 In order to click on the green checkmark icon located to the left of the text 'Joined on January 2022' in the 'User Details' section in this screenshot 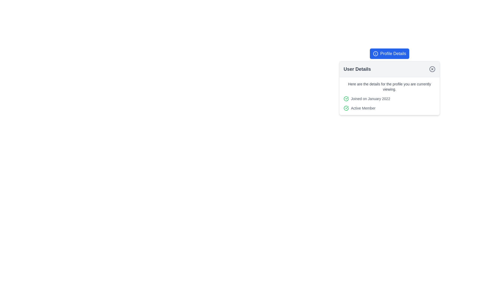, I will do `click(346, 99)`.